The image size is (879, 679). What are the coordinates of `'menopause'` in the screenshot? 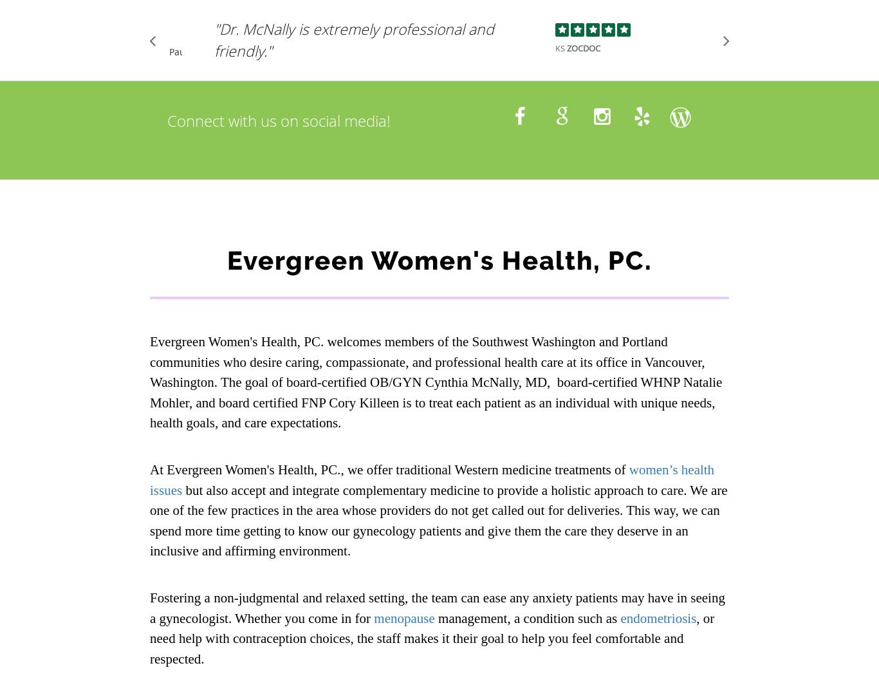 It's located at (403, 618).